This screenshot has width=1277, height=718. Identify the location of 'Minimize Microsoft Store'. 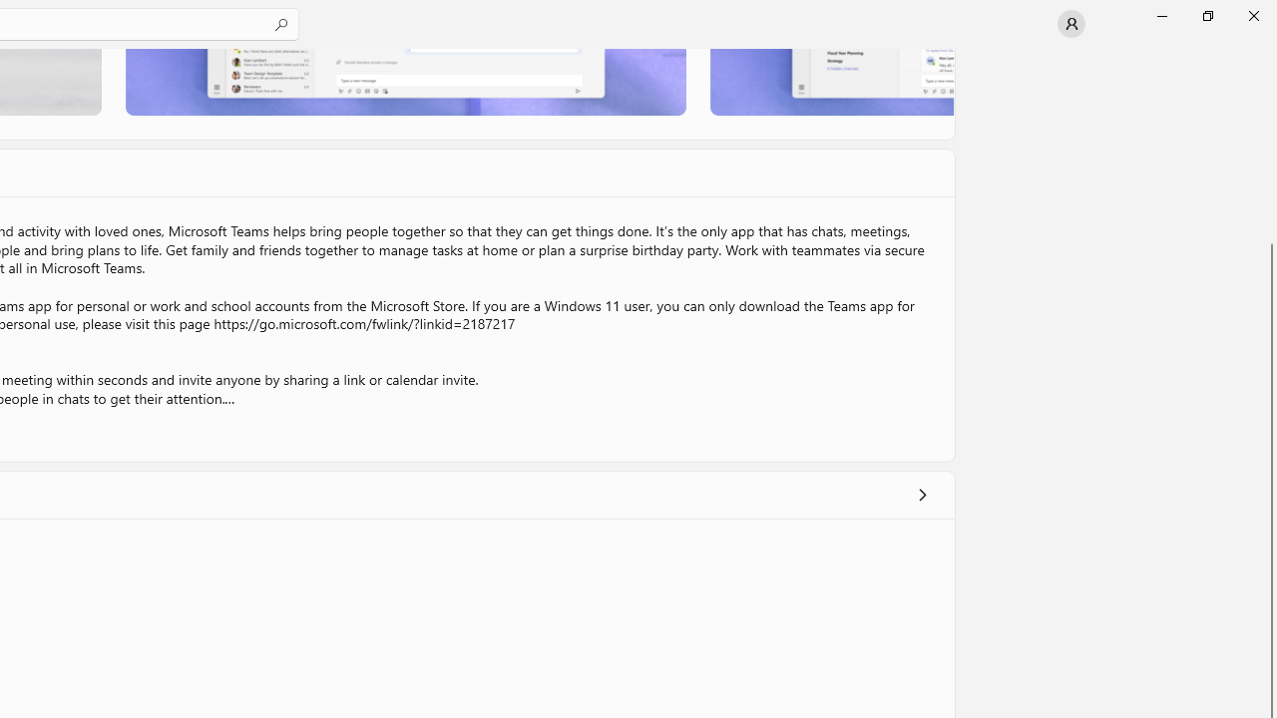
(1161, 15).